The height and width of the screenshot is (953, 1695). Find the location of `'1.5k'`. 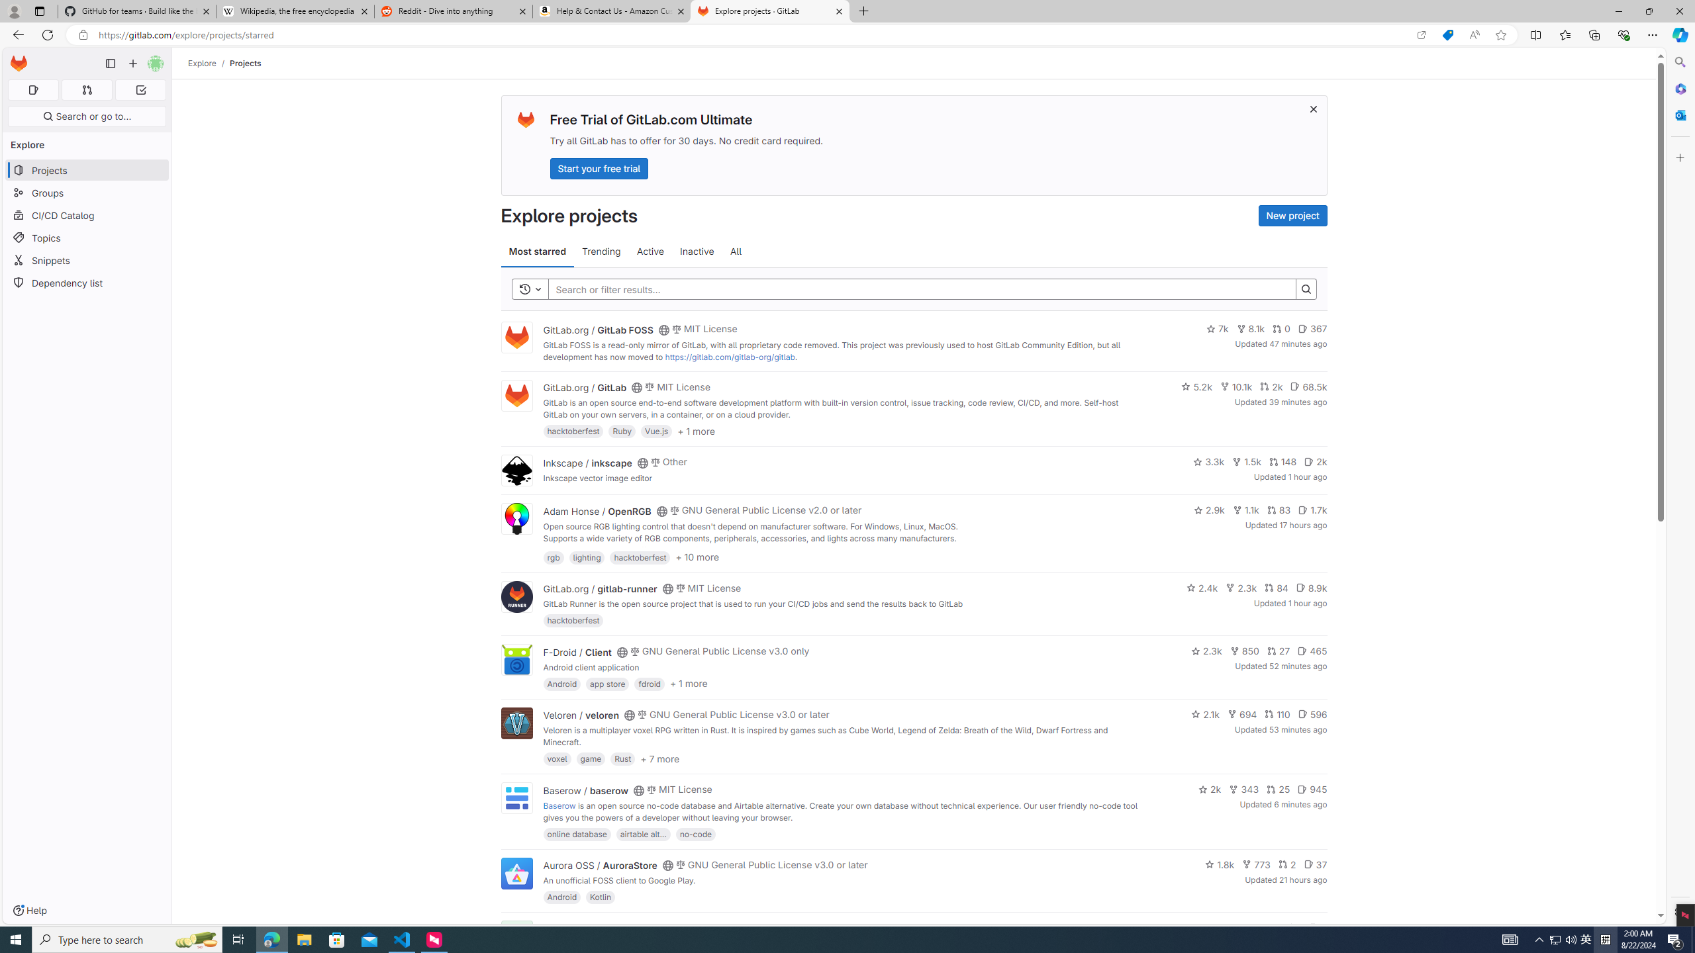

'1.5k' is located at coordinates (1246, 461).